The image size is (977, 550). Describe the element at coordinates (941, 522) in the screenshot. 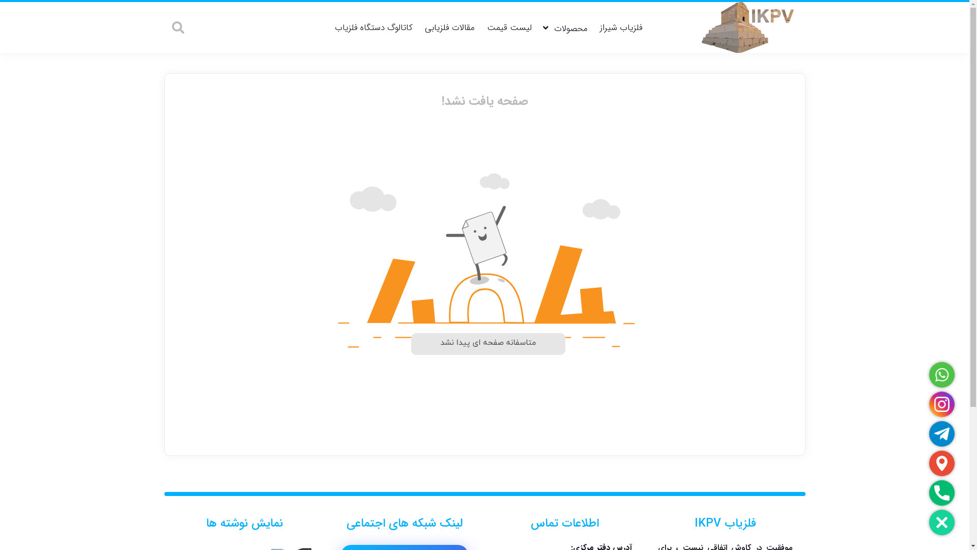

I see `'Close'` at that location.